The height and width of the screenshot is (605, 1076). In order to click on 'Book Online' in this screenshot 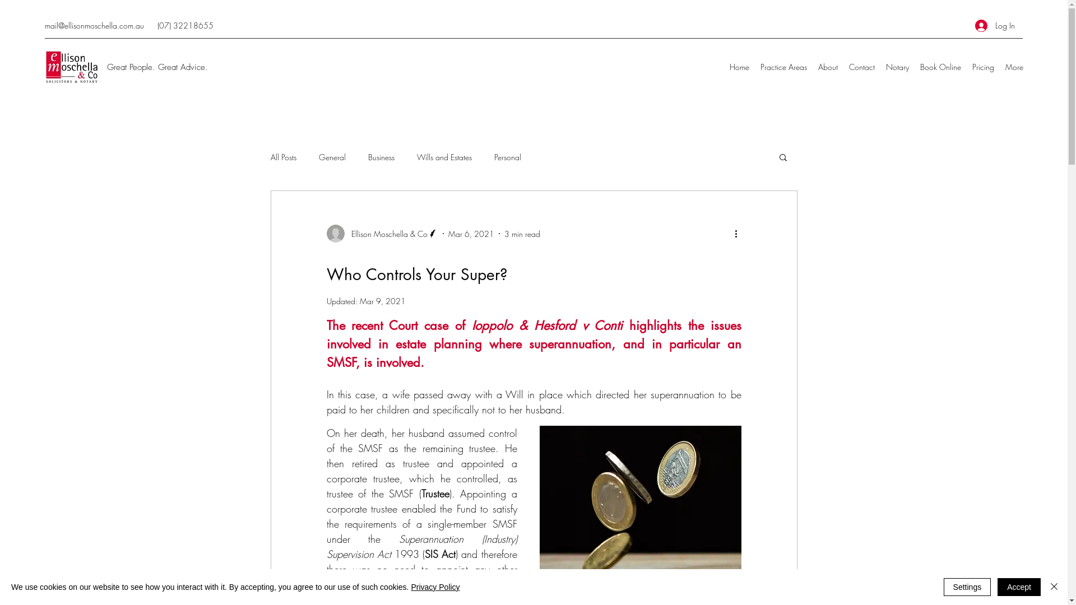, I will do `click(940, 67)`.